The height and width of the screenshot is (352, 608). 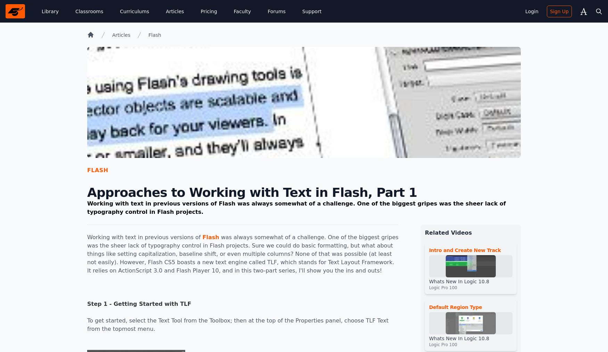 What do you see at coordinates (144, 237) in the screenshot?
I see `'Working with text in previous versions of'` at bounding box center [144, 237].